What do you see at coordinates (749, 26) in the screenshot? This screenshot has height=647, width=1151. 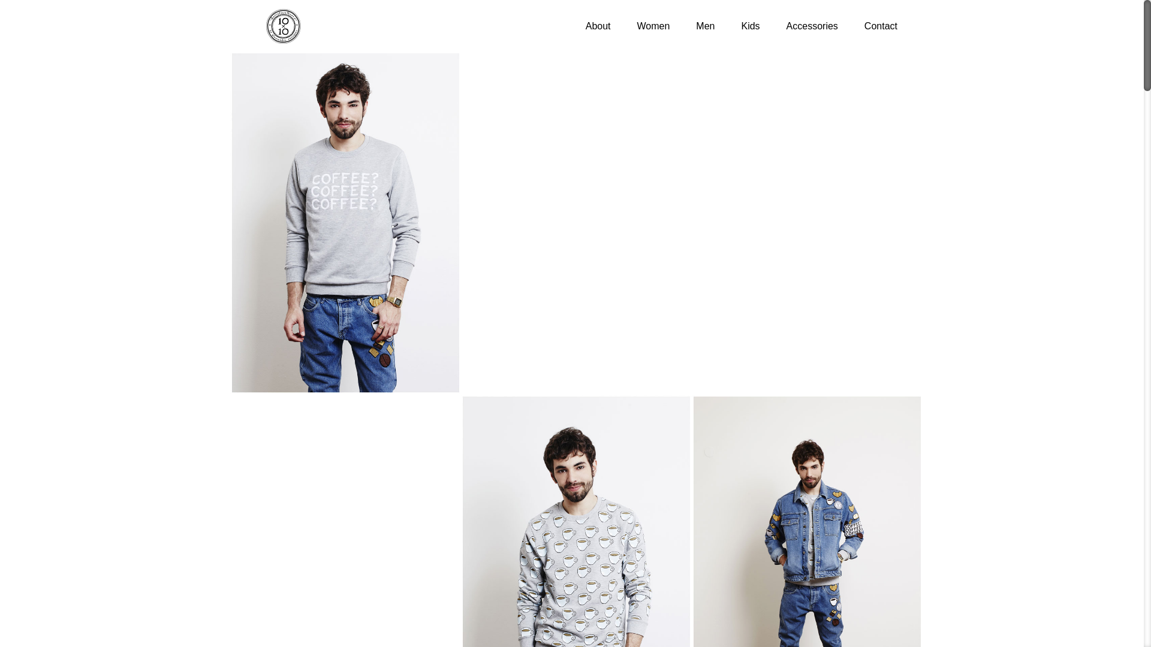 I see `'Kids'` at bounding box center [749, 26].